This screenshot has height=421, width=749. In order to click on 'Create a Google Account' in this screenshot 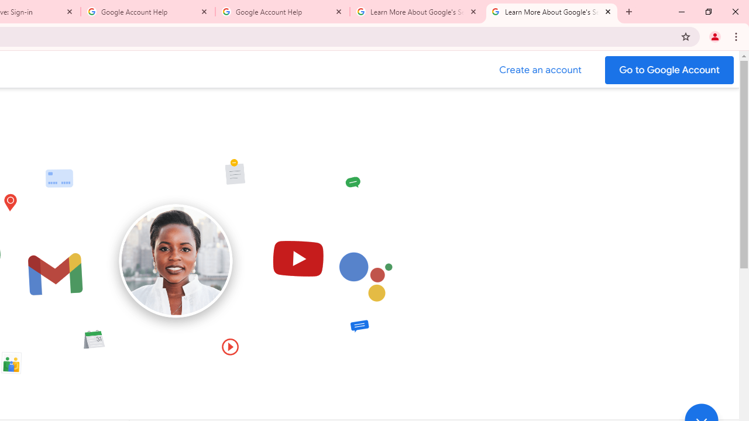, I will do `click(540, 70)`.